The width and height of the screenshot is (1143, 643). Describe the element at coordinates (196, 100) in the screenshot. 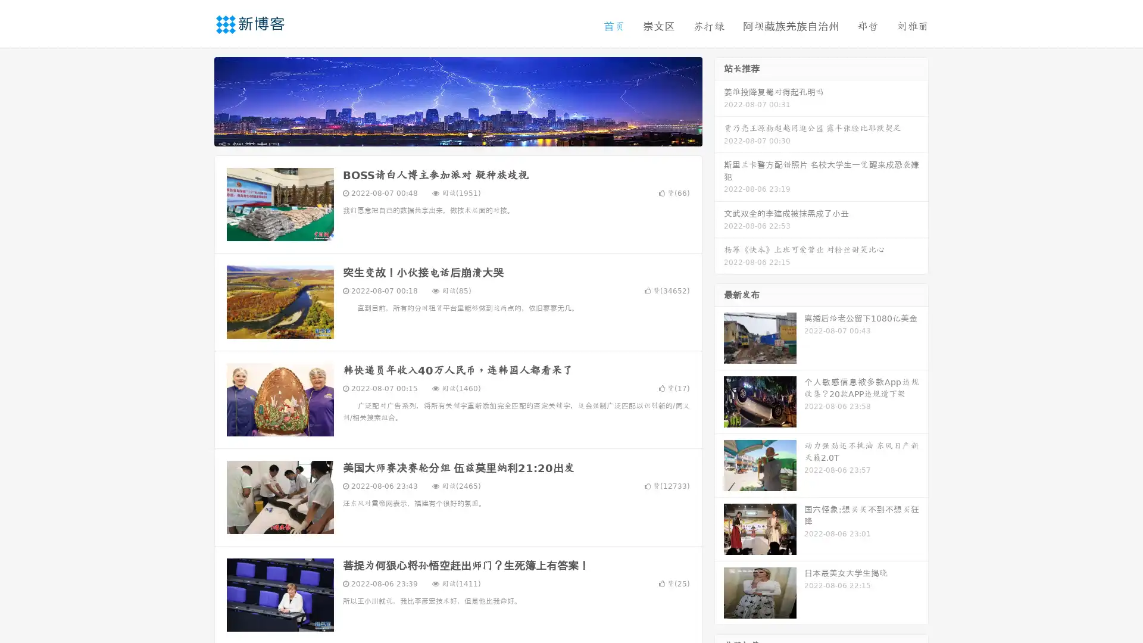

I see `Previous slide` at that location.